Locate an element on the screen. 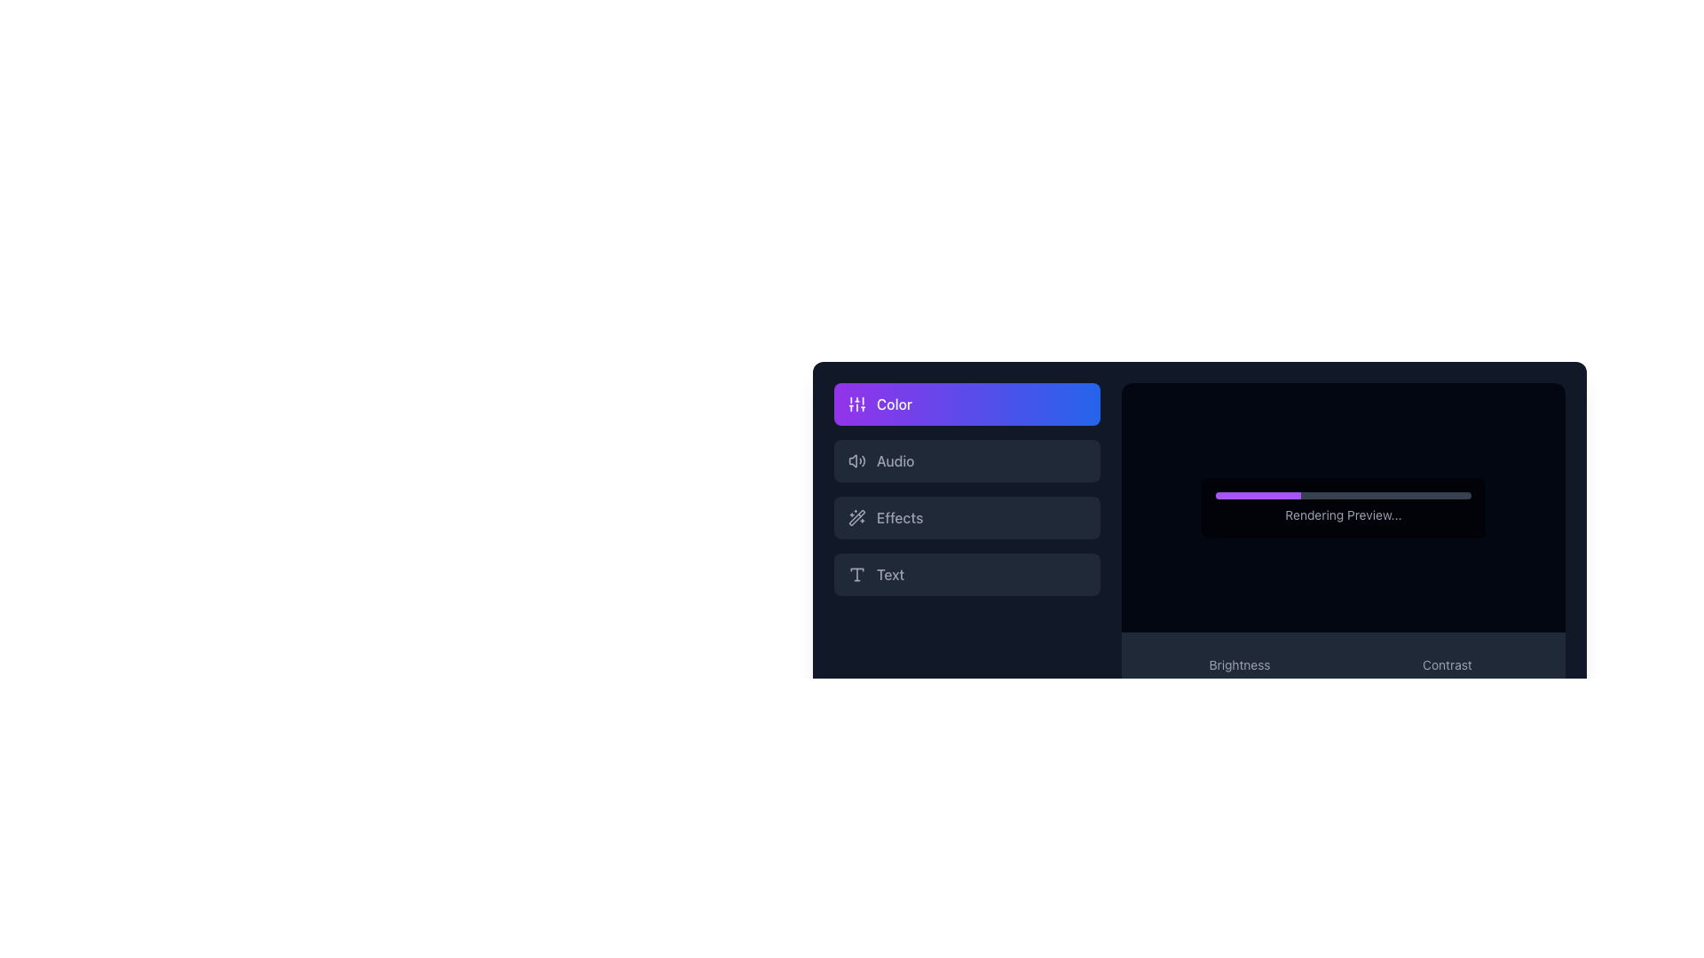  the slider is located at coordinates (1162, 688).